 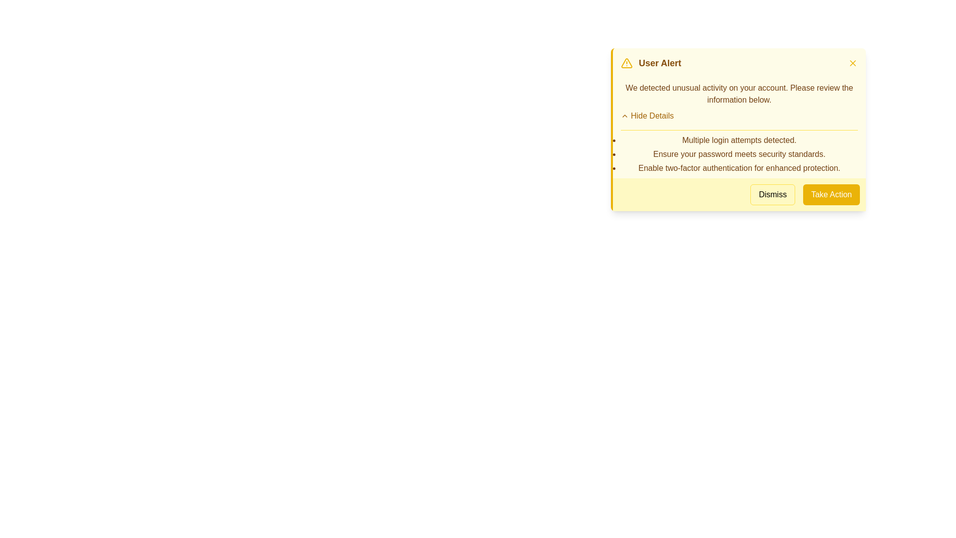 I want to click on the interactive text with an icon located in the upper middle section of the user alert box, so click(x=647, y=115).